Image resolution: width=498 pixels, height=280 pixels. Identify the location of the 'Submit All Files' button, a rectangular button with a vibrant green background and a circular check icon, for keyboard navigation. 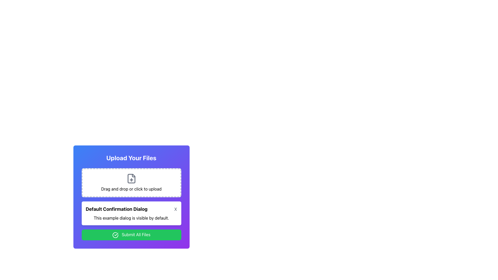
(131, 235).